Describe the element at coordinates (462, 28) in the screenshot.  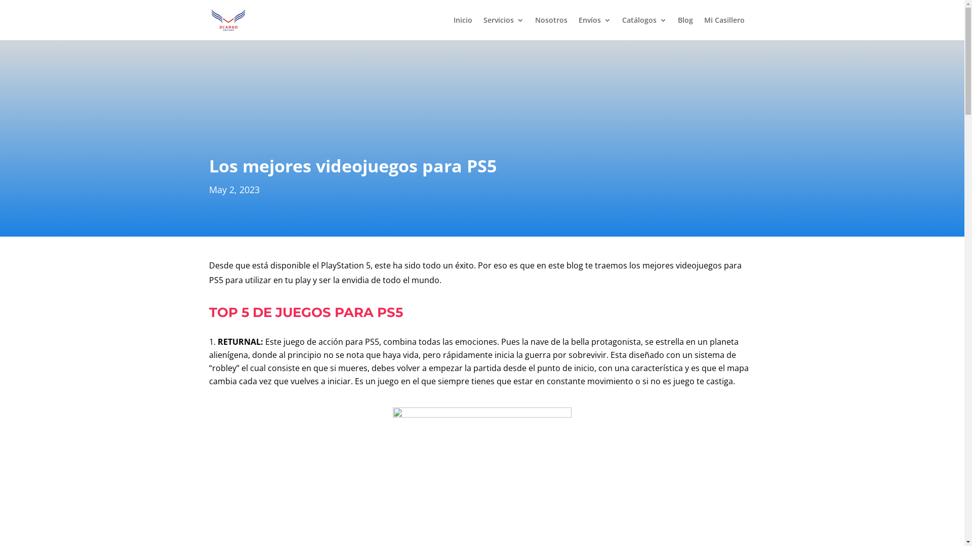
I see `'Inicio'` at that location.